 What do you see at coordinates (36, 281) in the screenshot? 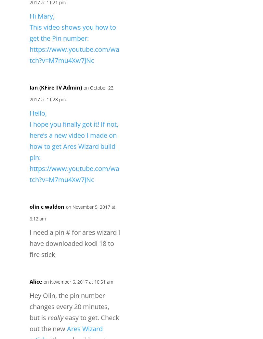
I see `'Alice'` at bounding box center [36, 281].